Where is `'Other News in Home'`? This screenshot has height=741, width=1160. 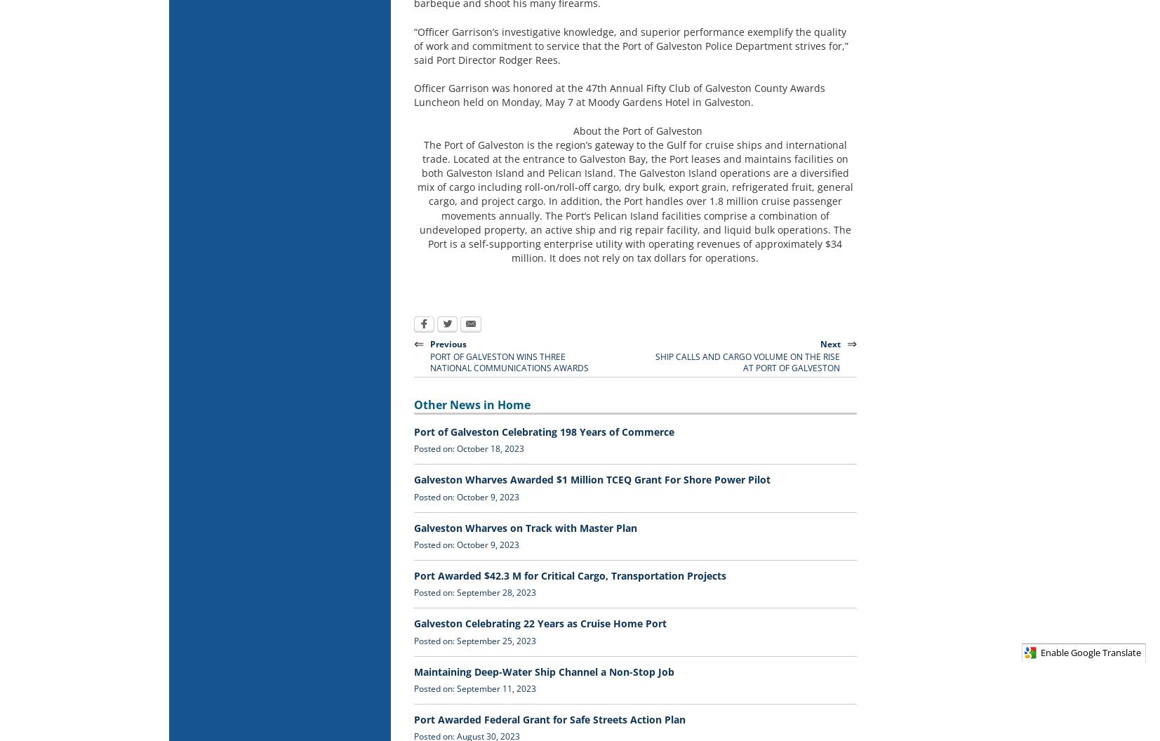
'Other News in Home' is located at coordinates (471, 404).